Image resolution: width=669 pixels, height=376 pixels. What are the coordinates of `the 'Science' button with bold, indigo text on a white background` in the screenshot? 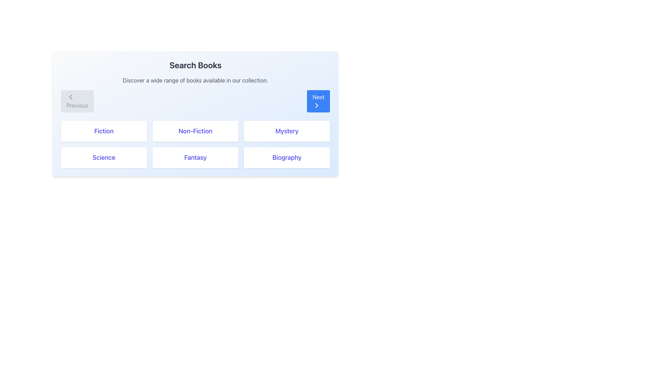 It's located at (103, 157).